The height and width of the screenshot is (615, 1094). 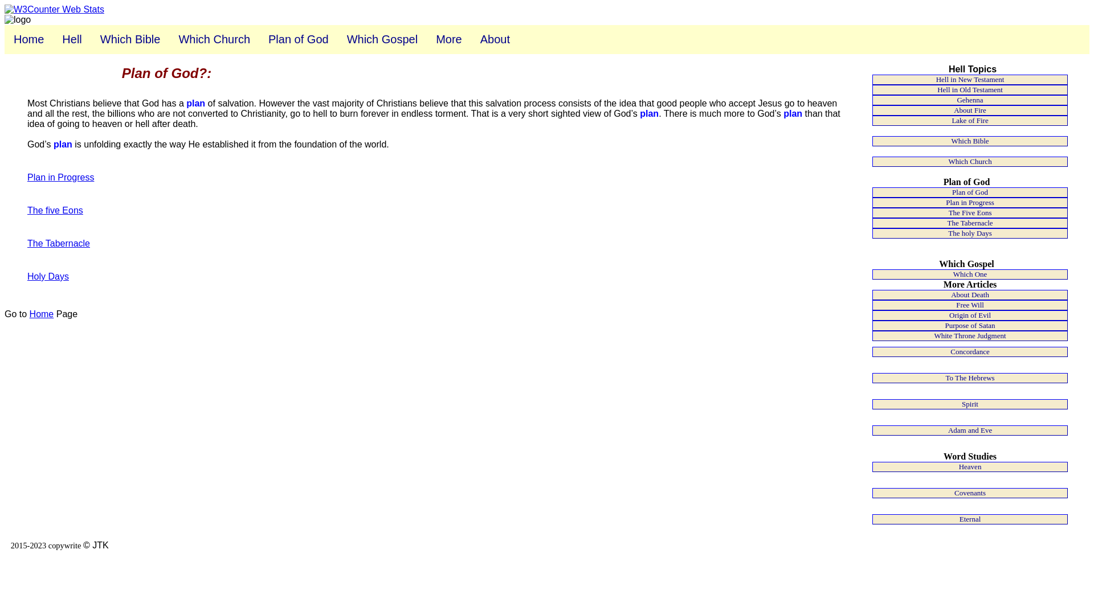 I want to click on 'Concordance', so click(x=969, y=351).